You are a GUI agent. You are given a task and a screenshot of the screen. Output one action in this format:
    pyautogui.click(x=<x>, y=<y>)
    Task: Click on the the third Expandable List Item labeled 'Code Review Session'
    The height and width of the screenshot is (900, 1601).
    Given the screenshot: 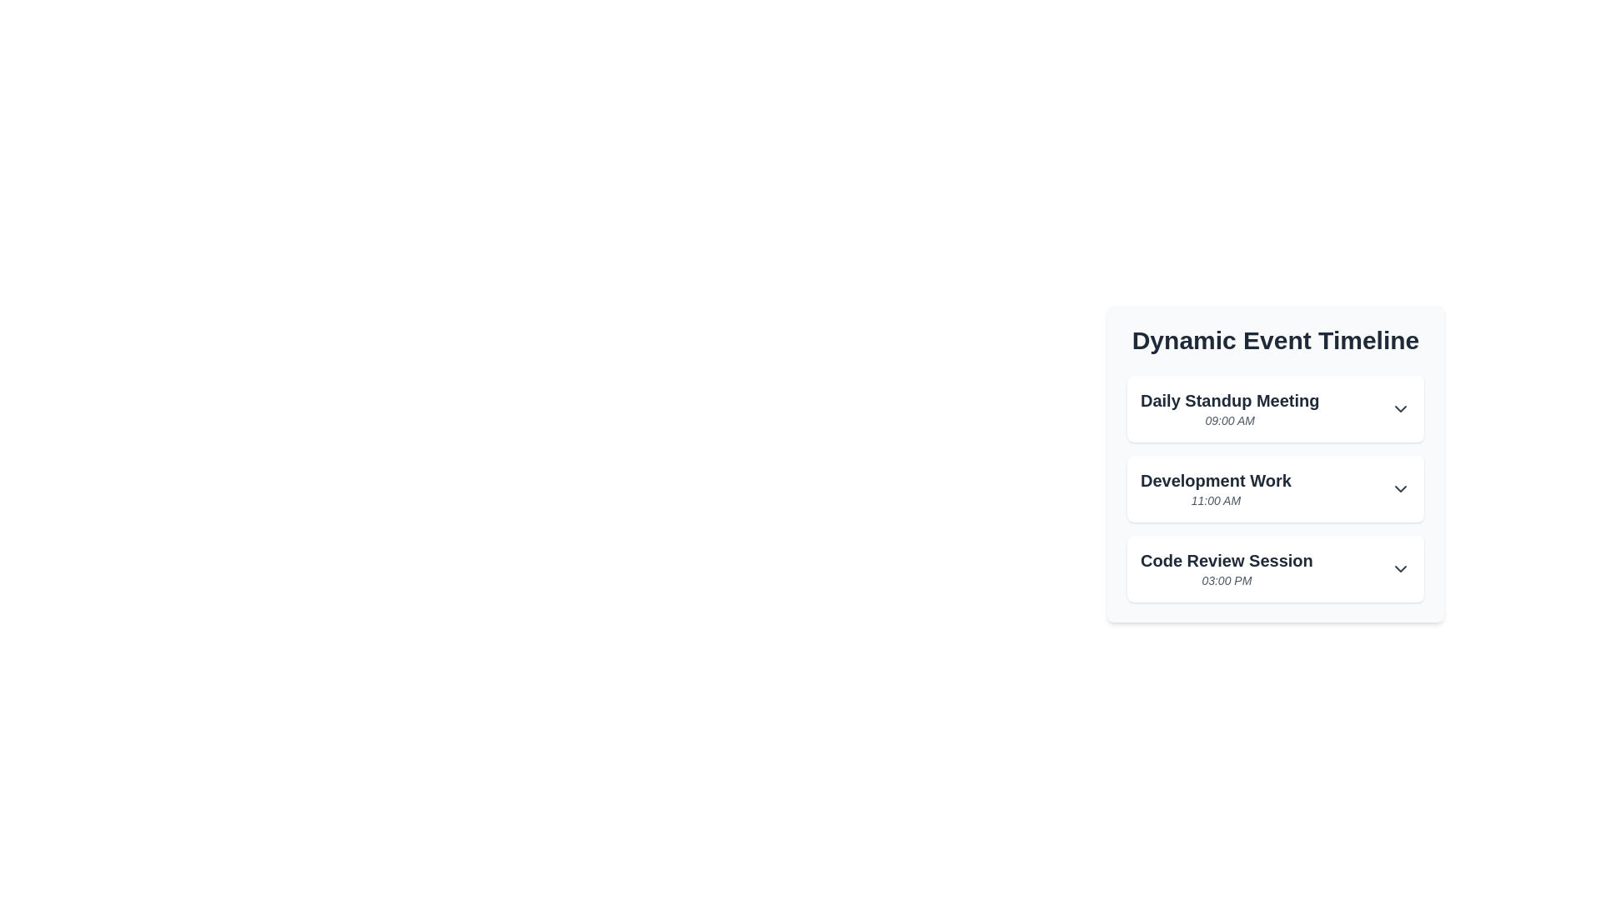 What is the action you would take?
    pyautogui.click(x=1275, y=567)
    